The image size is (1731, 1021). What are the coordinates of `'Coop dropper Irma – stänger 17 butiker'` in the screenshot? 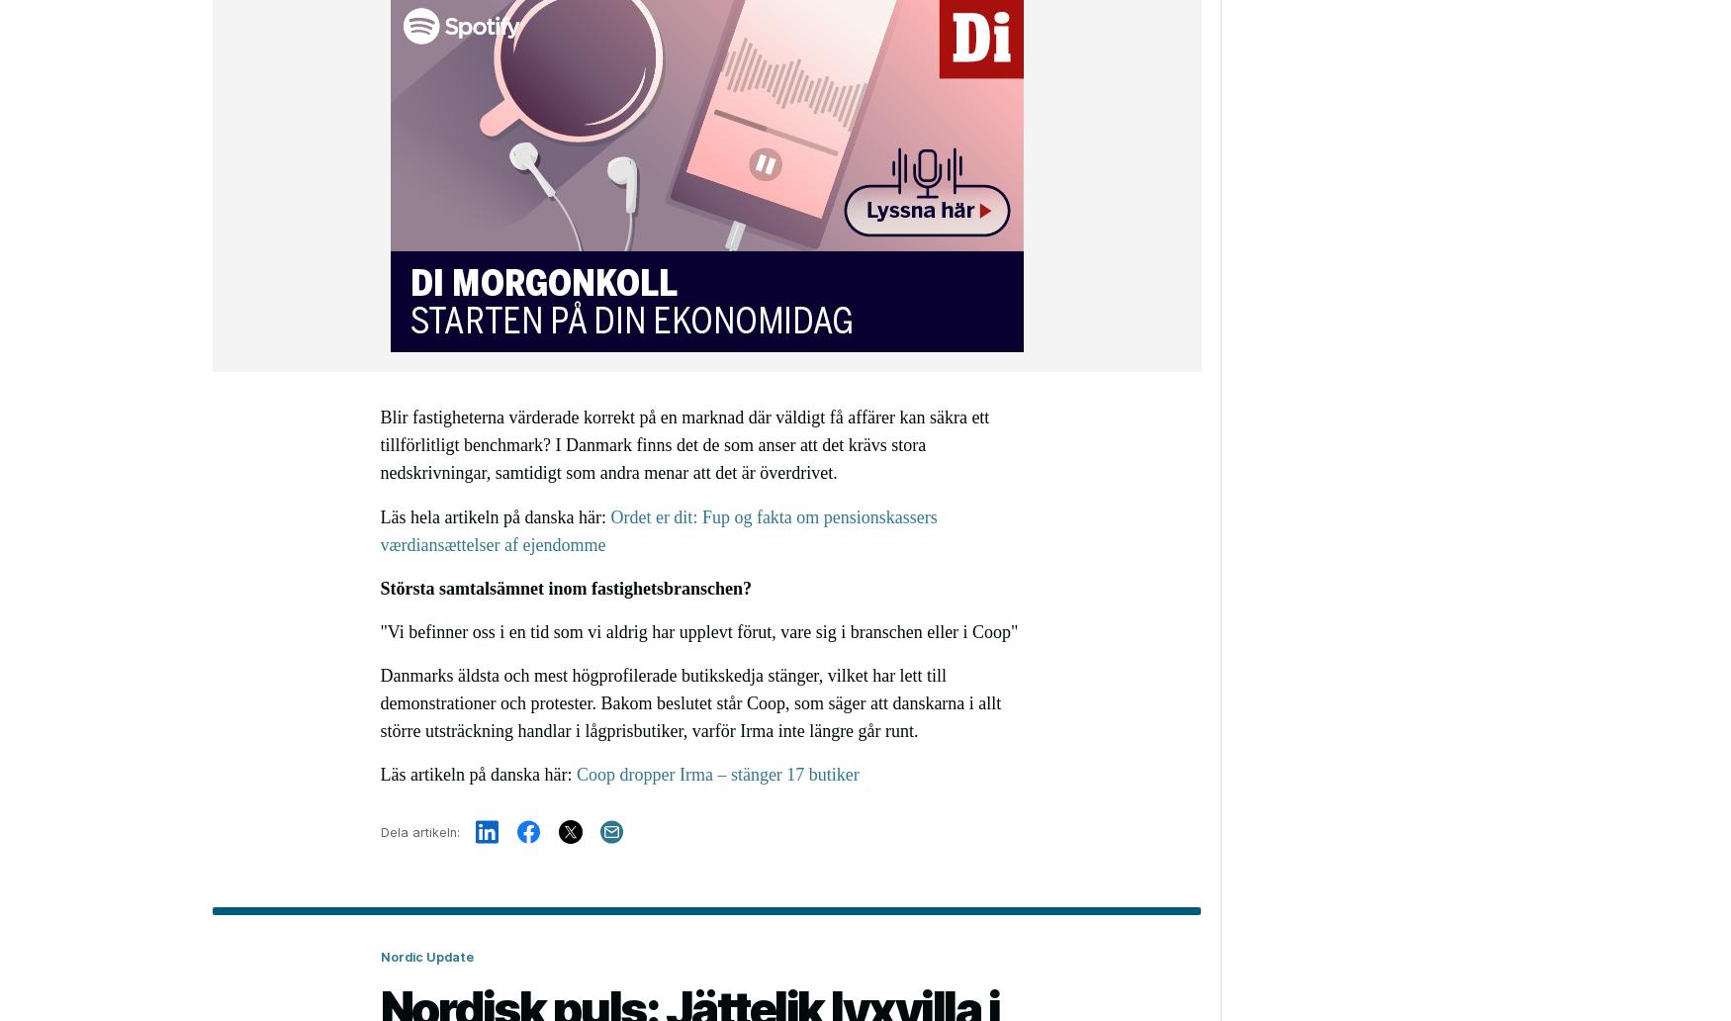 It's located at (717, 774).